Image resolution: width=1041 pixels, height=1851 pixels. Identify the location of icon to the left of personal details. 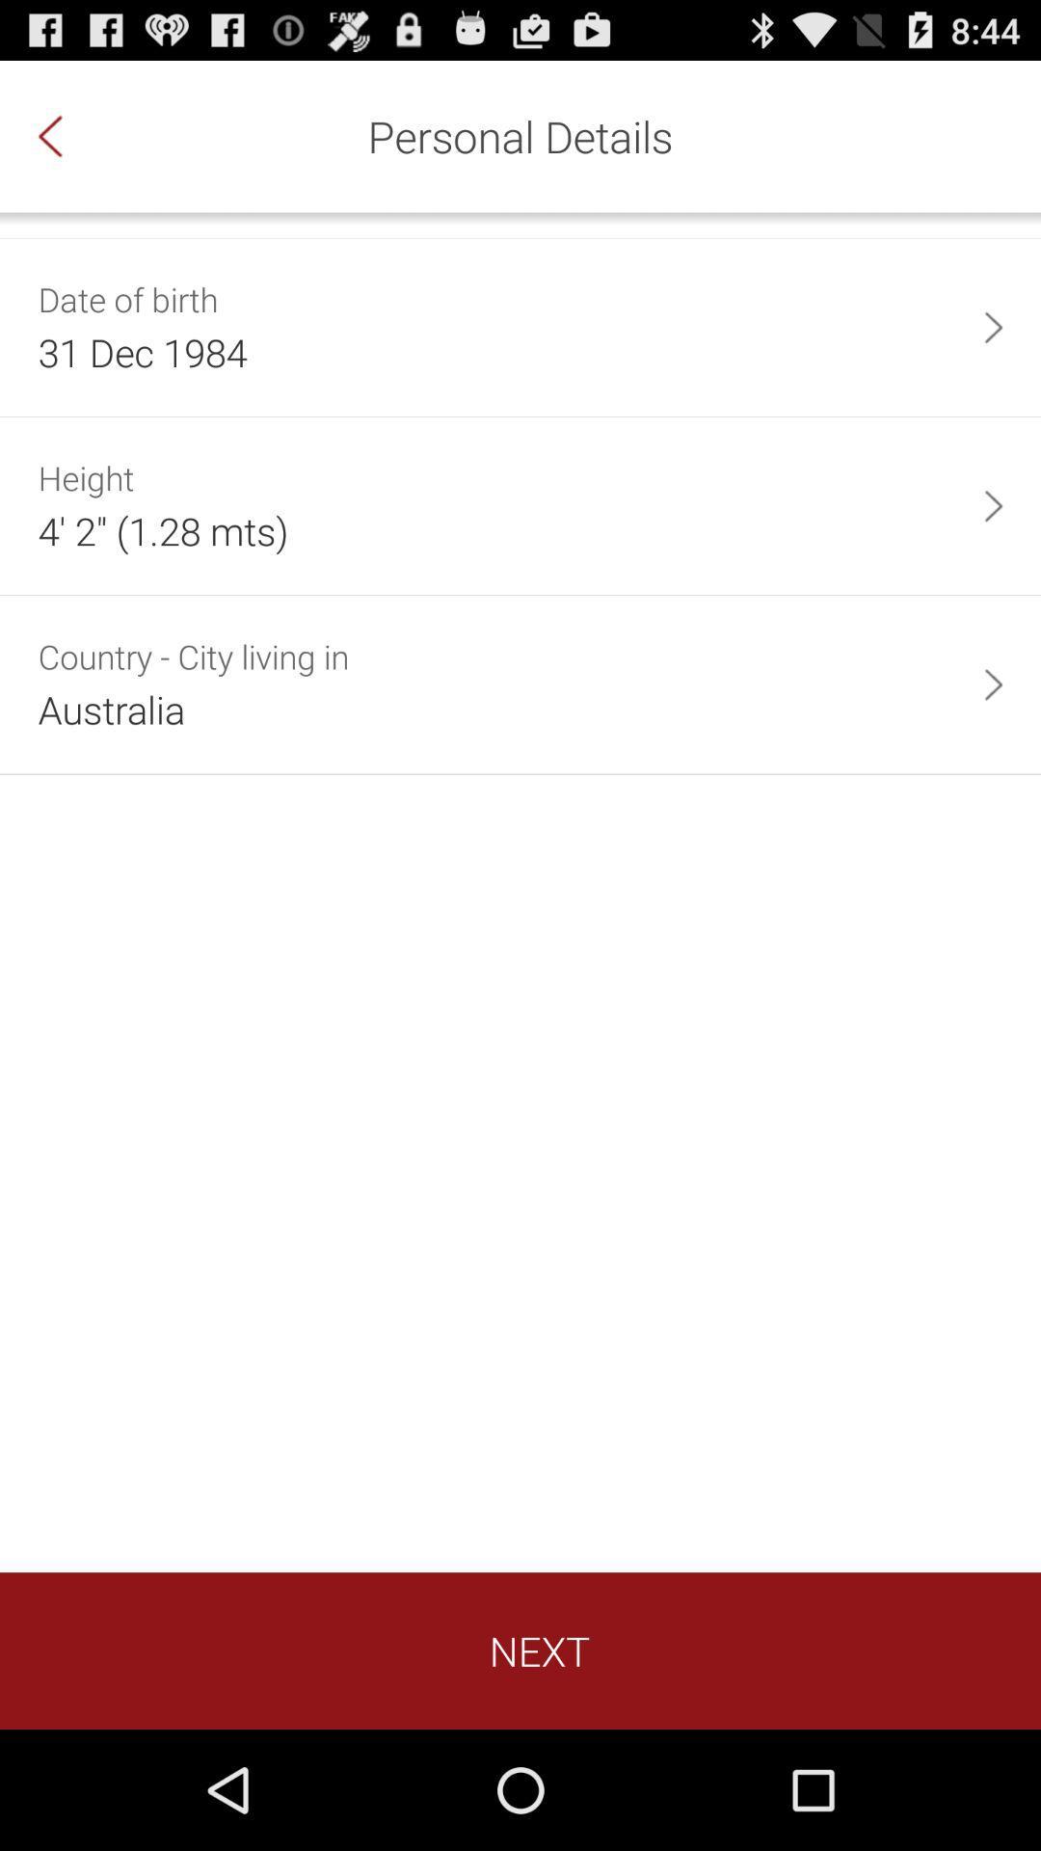
(69, 135).